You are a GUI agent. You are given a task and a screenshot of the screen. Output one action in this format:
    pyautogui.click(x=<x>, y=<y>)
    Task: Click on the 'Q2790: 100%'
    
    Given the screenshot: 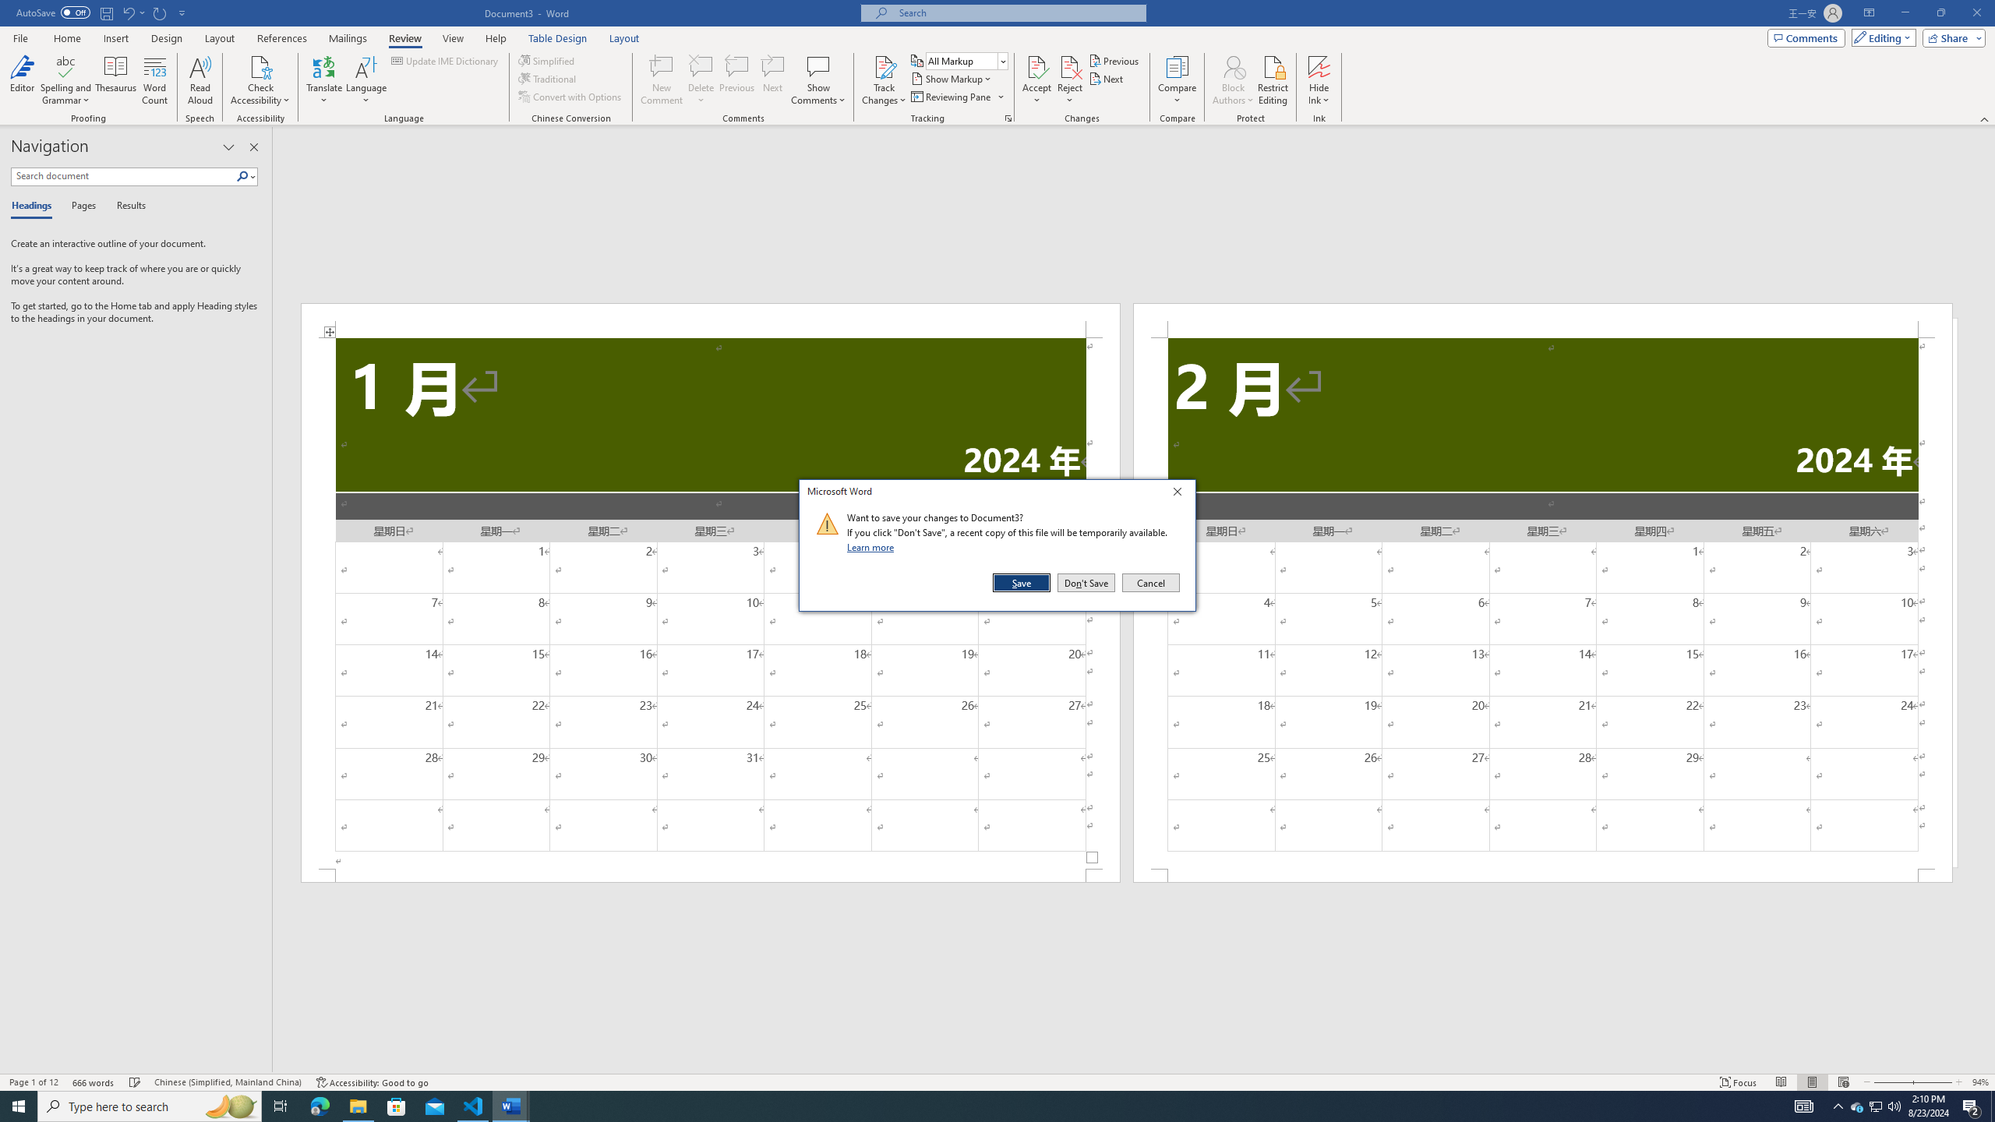 What is the action you would take?
    pyautogui.click(x=1893, y=1105)
    